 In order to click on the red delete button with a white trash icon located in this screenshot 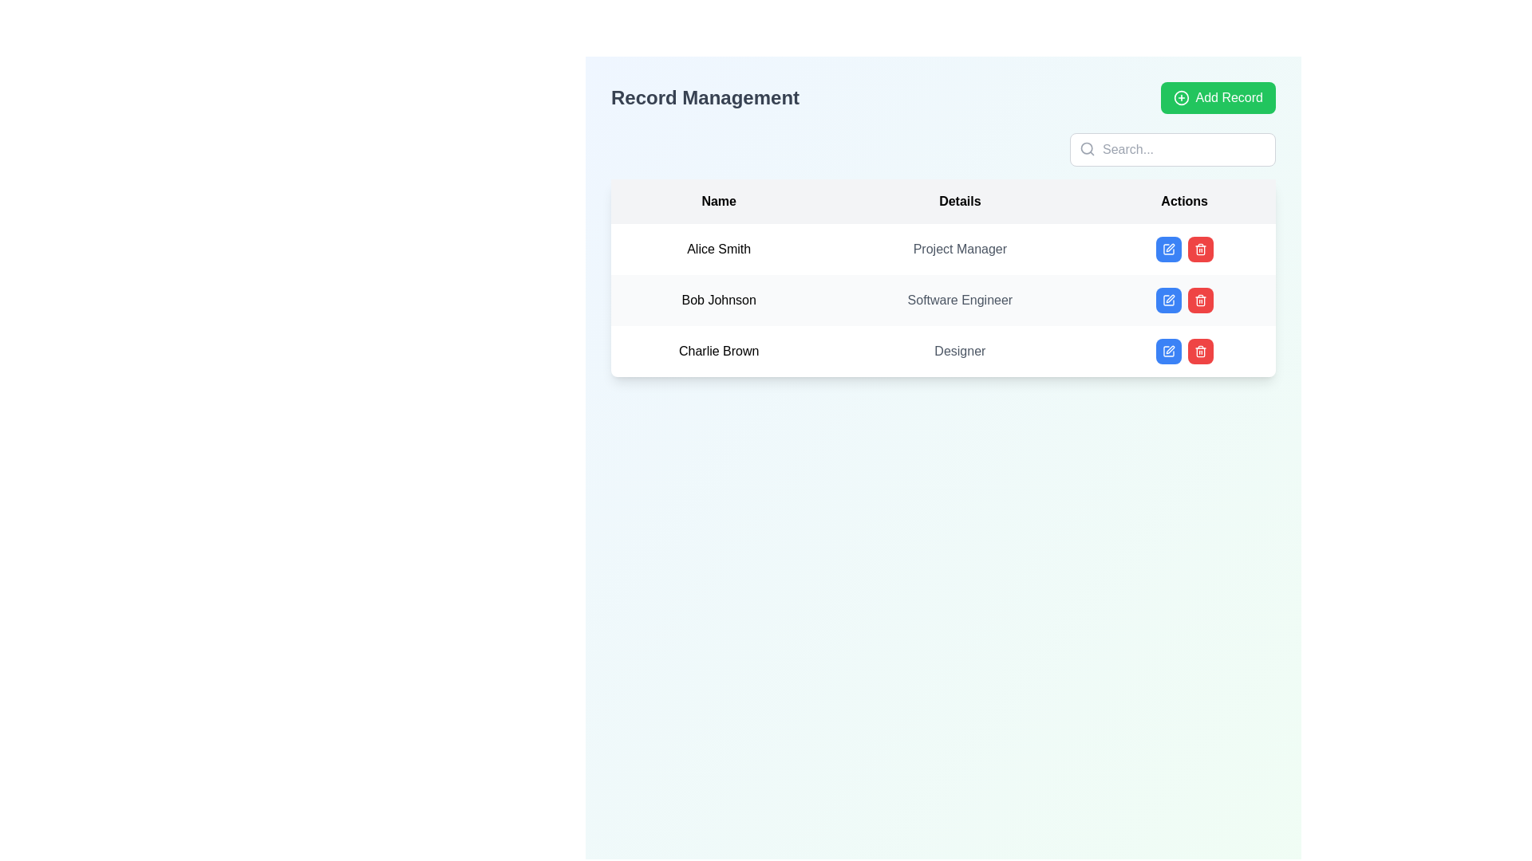, I will do `click(1200, 350)`.